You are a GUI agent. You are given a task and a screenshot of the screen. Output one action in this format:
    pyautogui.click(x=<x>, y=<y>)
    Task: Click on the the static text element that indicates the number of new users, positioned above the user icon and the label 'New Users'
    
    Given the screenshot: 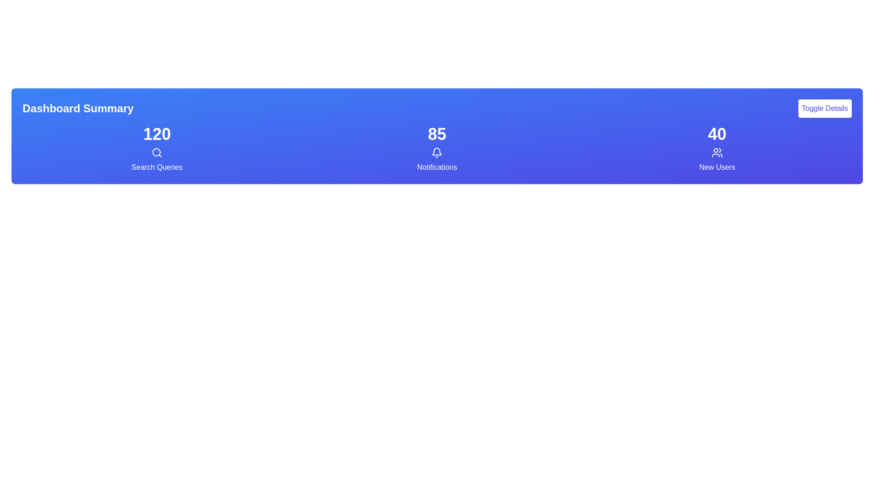 What is the action you would take?
    pyautogui.click(x=716, y=134)
    